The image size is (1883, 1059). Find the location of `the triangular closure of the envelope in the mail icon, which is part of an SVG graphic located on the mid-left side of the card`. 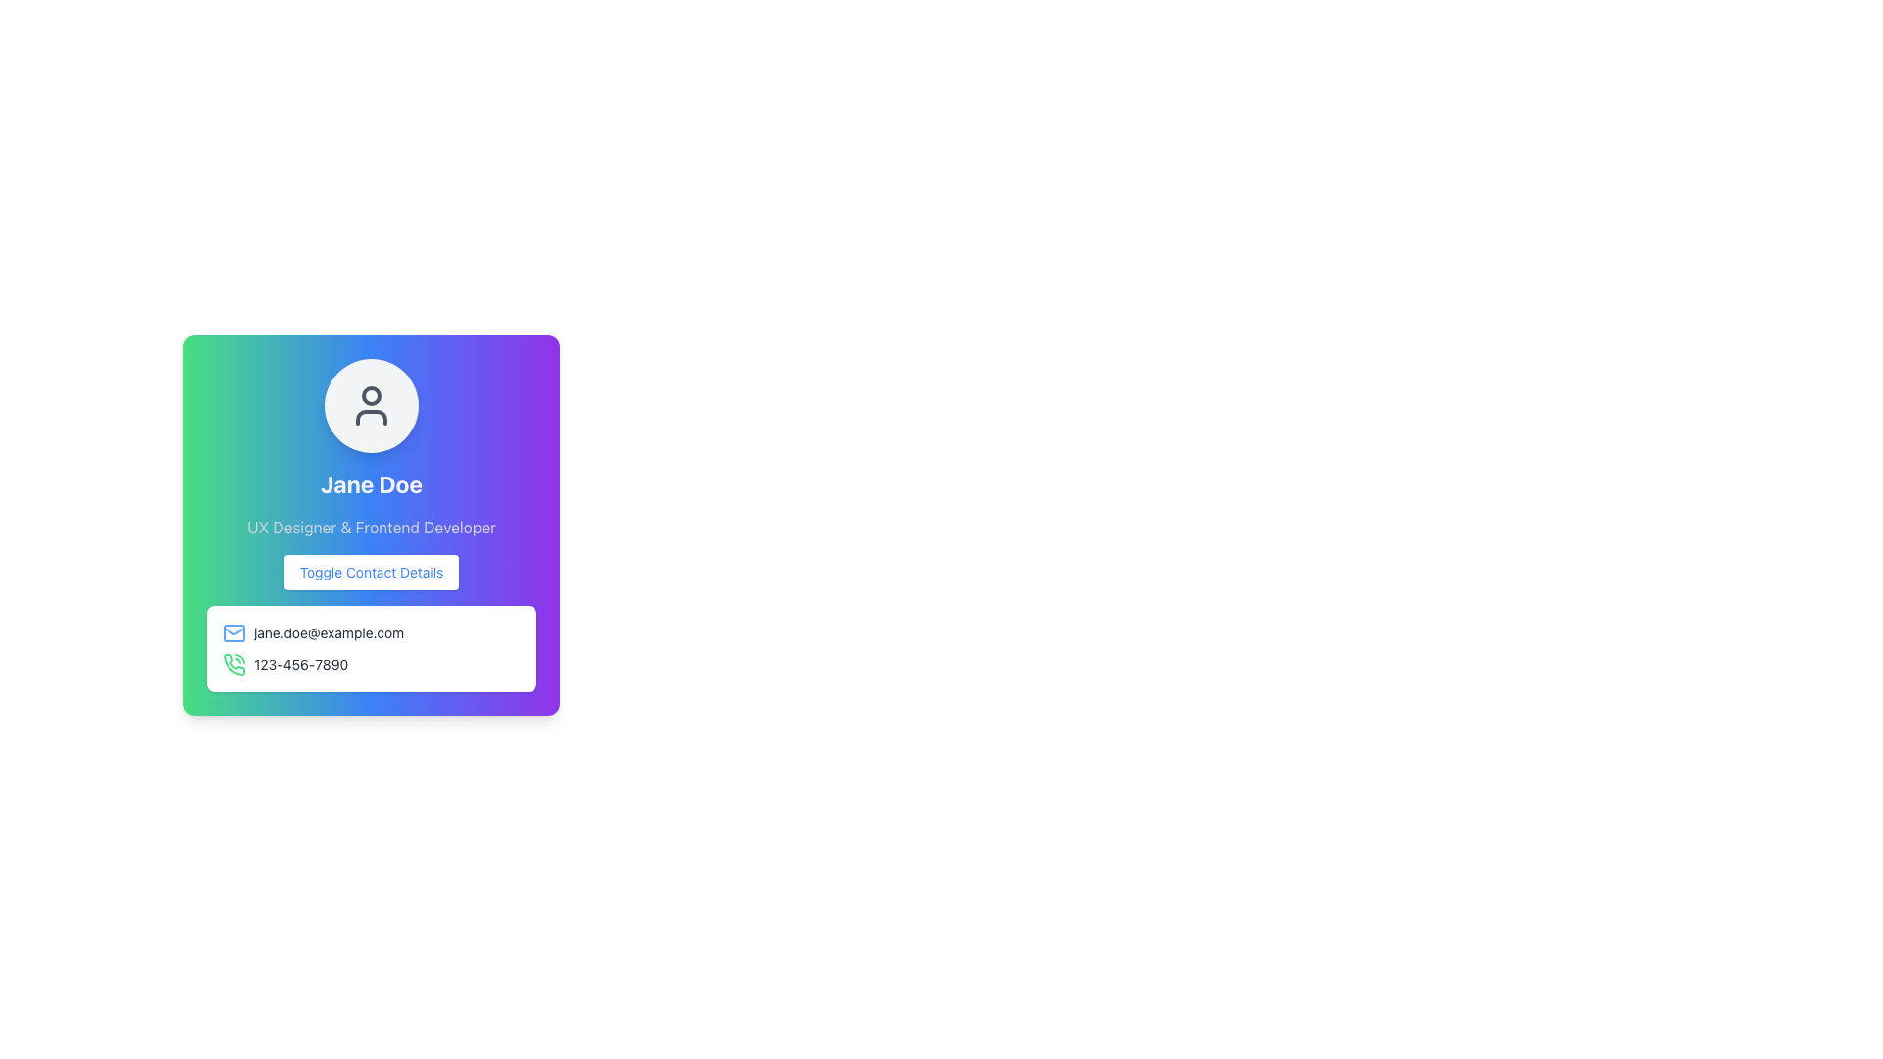

the triangular closure of the envelope in the mail icon, which is part of an SVG graphic located on the mid-left side of the card is located at coordinates (234, 630).